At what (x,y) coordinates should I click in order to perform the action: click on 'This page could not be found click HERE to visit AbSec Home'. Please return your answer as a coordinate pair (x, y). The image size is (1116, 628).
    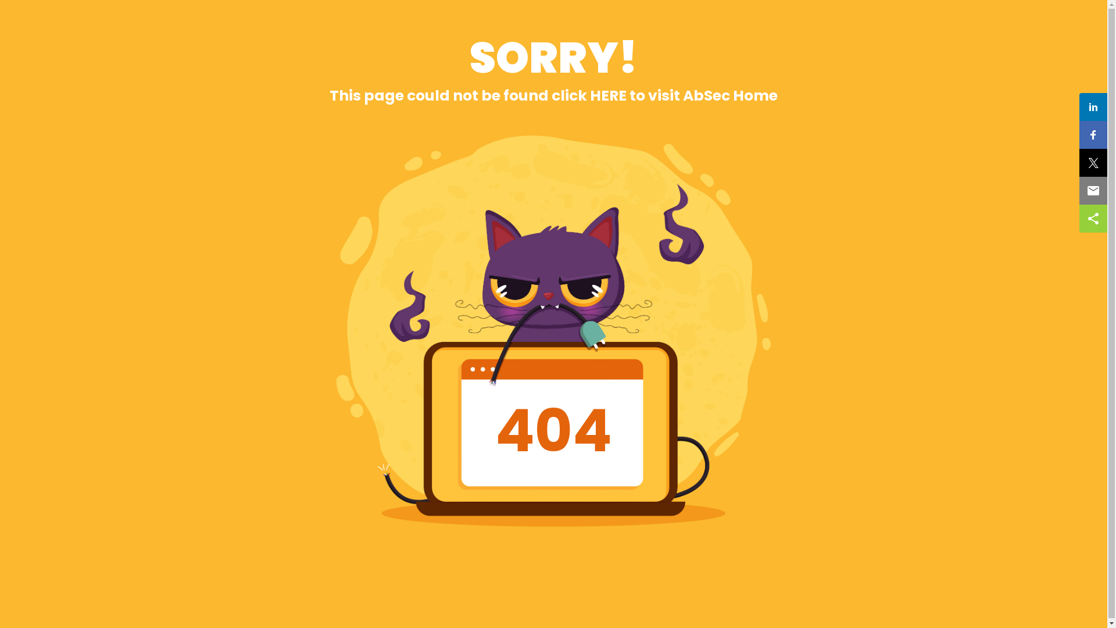
    Looking at the image, I should click on (553, 95).